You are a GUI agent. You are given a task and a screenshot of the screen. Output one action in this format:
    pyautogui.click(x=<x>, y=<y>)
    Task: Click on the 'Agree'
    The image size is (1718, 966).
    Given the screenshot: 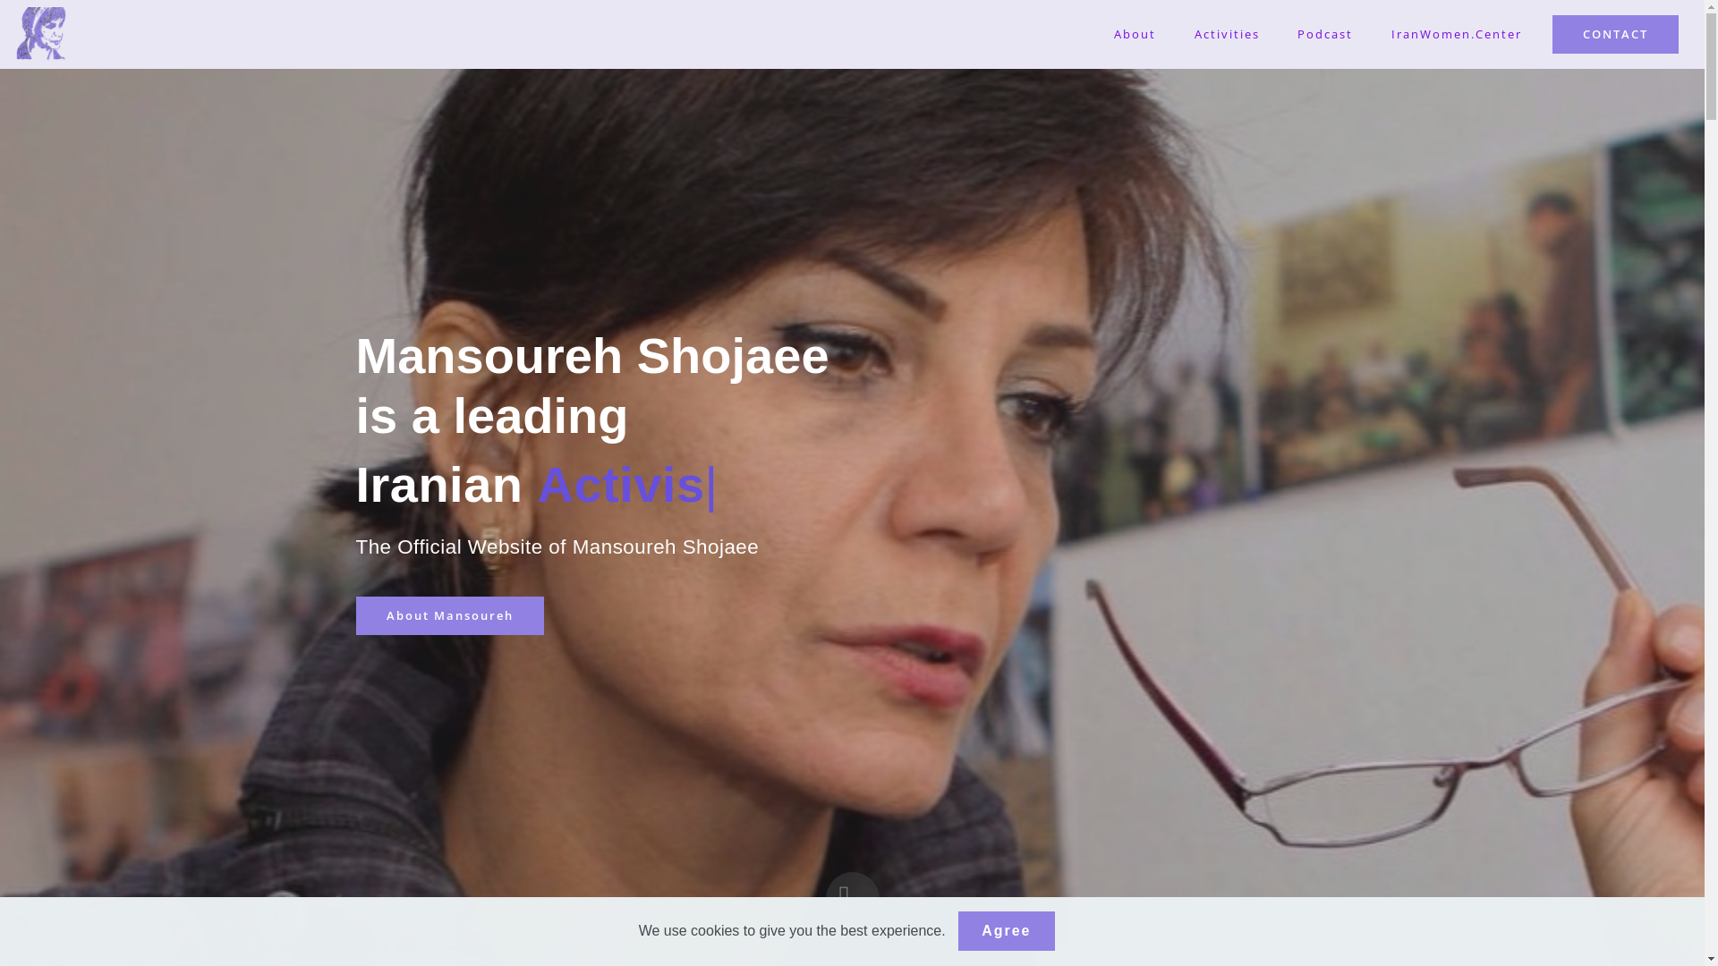 What is the action you would take?
    pyautogui.click(x=1006, y=930)
    